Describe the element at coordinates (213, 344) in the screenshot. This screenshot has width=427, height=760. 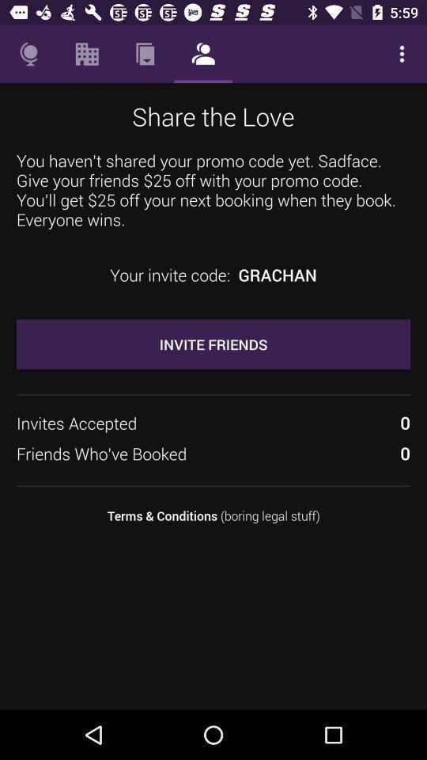
I see `invite friends item` at that location.